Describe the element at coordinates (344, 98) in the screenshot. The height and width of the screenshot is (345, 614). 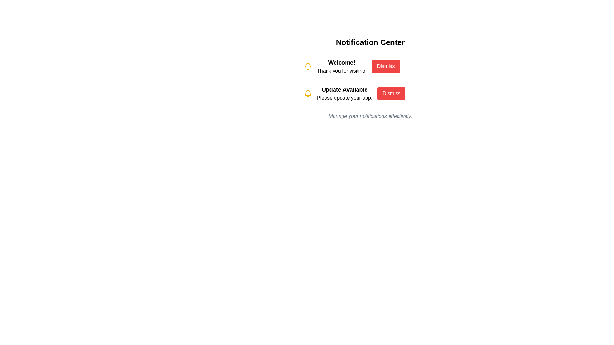
I see `the static text block that instructs the user to update their application, which is positioned beneath the 'Update Available' heading in the notification interface` at that location.